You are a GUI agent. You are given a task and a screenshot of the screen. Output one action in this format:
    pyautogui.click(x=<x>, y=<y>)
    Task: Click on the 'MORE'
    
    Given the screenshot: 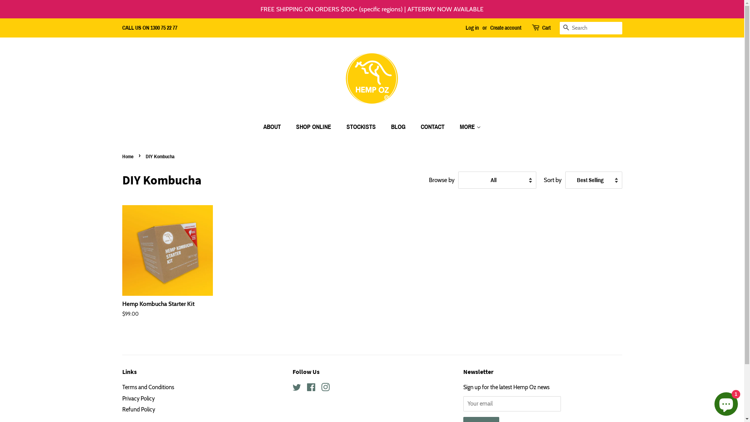 What is the action you would take?
    pyautogui.click(x=454, y=126)
    